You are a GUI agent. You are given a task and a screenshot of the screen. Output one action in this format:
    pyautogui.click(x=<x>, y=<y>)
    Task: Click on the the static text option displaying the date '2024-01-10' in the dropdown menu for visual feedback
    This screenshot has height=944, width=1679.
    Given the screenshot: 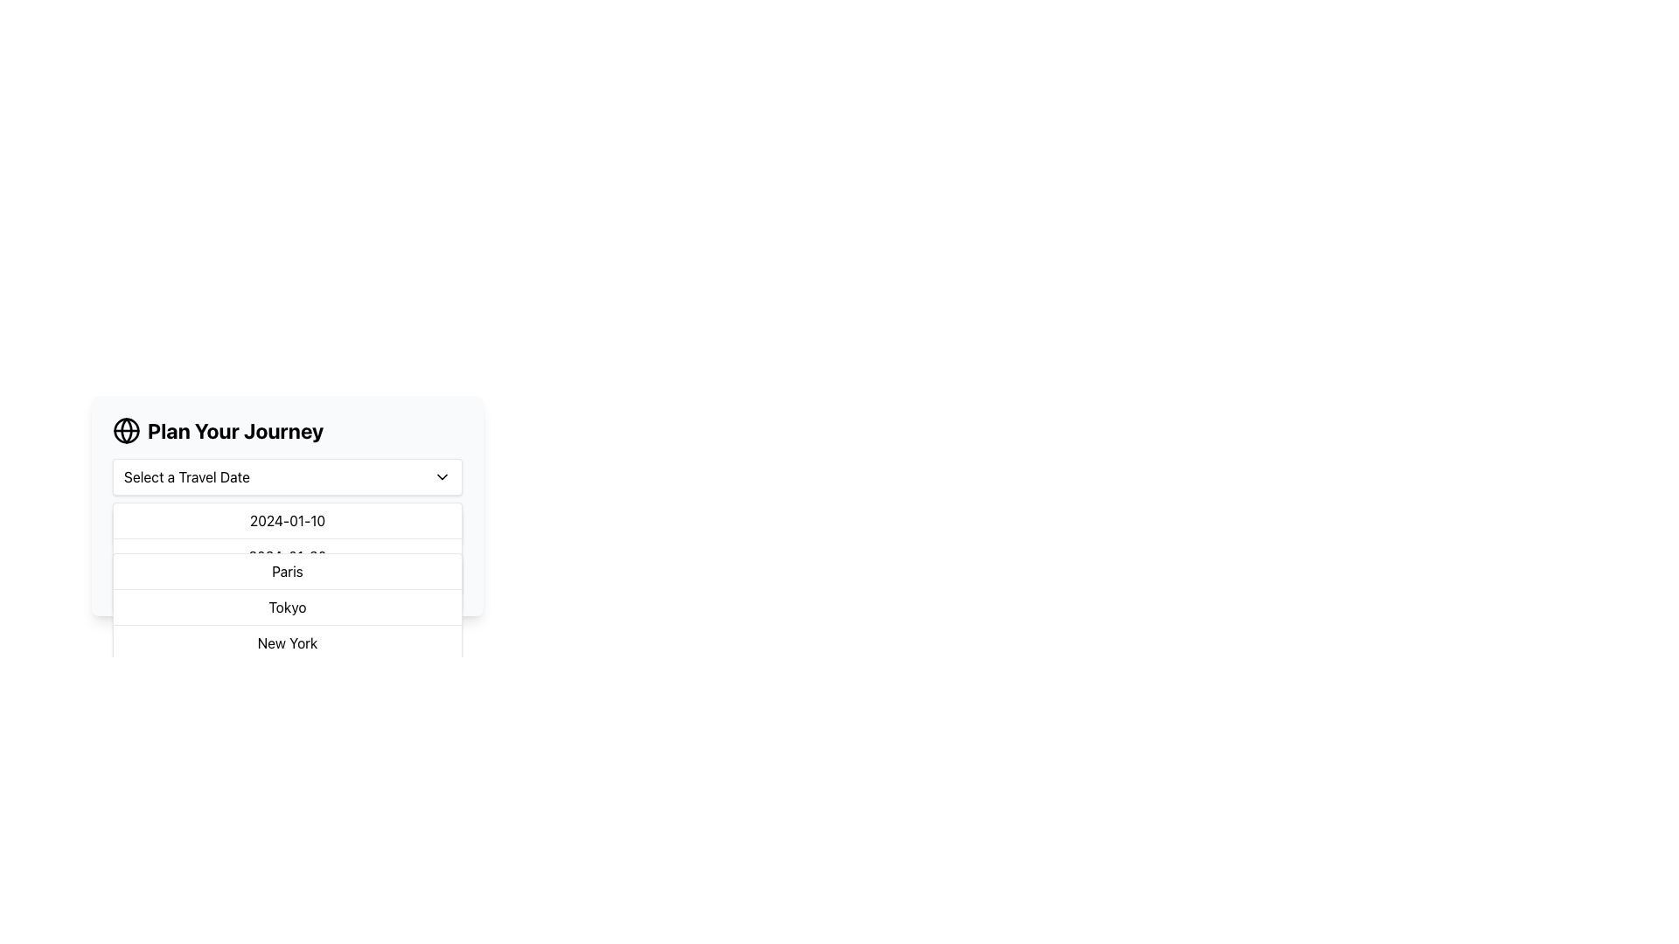 What is the action you would take?
    pyautogui.click(x=288, y=520)
    